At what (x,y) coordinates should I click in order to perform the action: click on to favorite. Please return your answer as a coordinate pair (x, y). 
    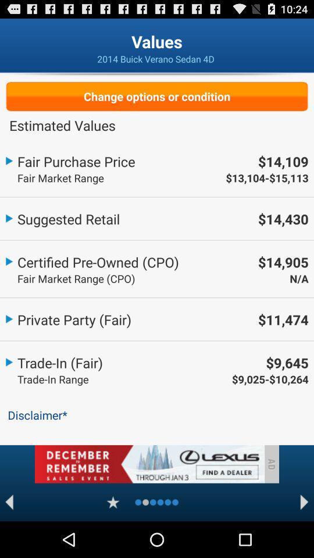
    Looking at the image, I should click on (113, 502).